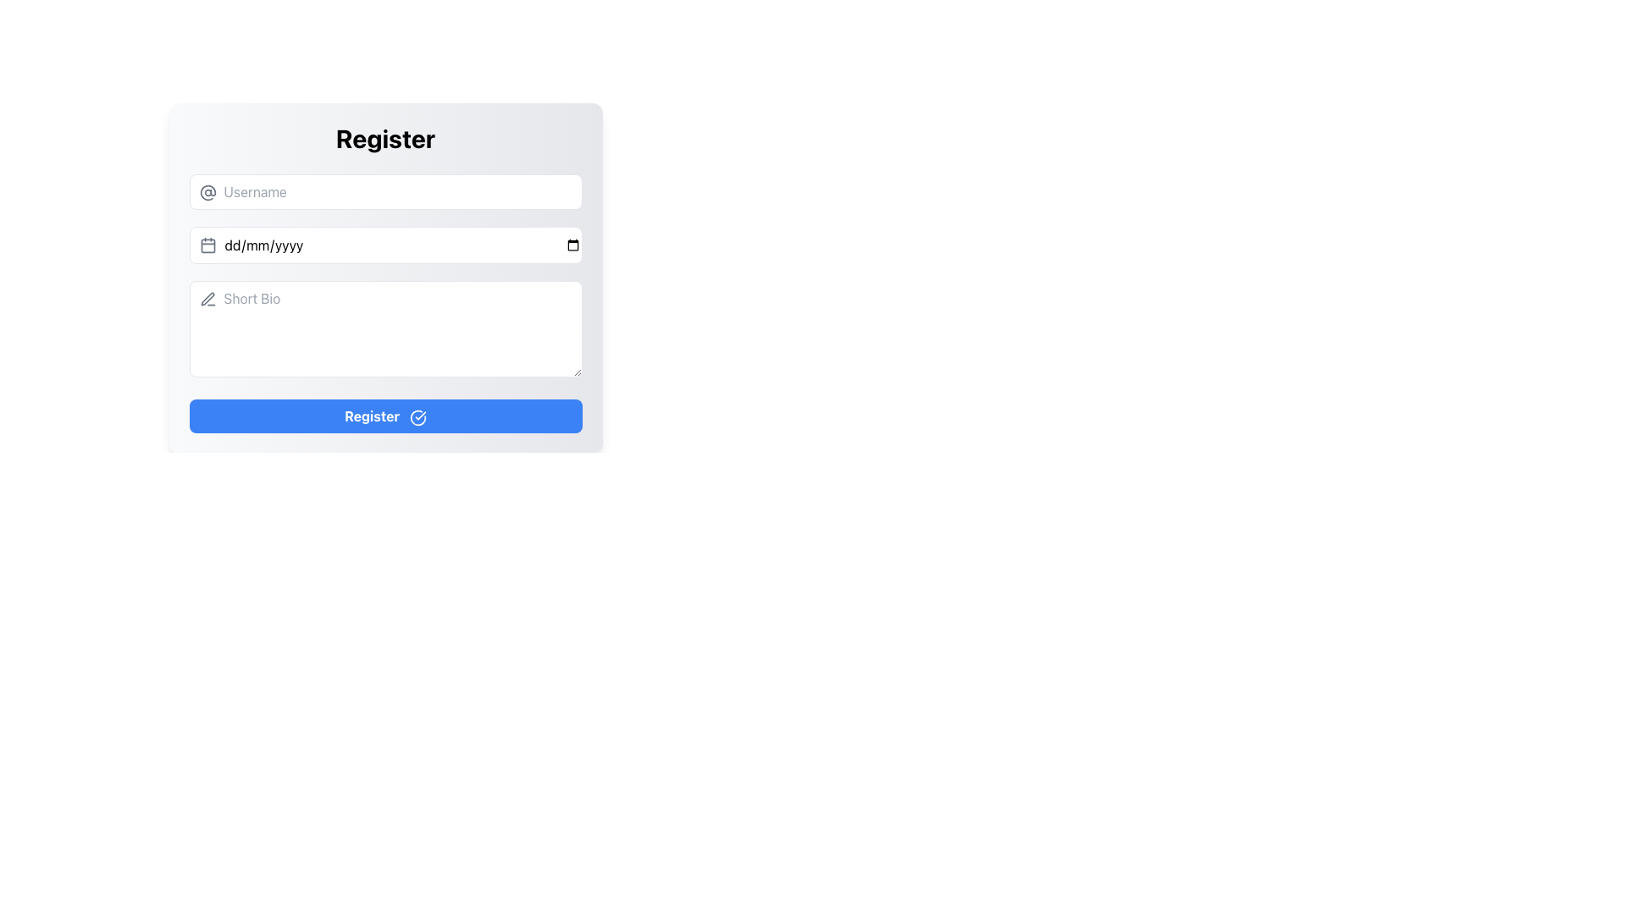  I want to click on the calendar icon located at the top-left corner of the date input field, which aligns with the placeholder text 'dd/mm/yyyy', so click(207, 245).